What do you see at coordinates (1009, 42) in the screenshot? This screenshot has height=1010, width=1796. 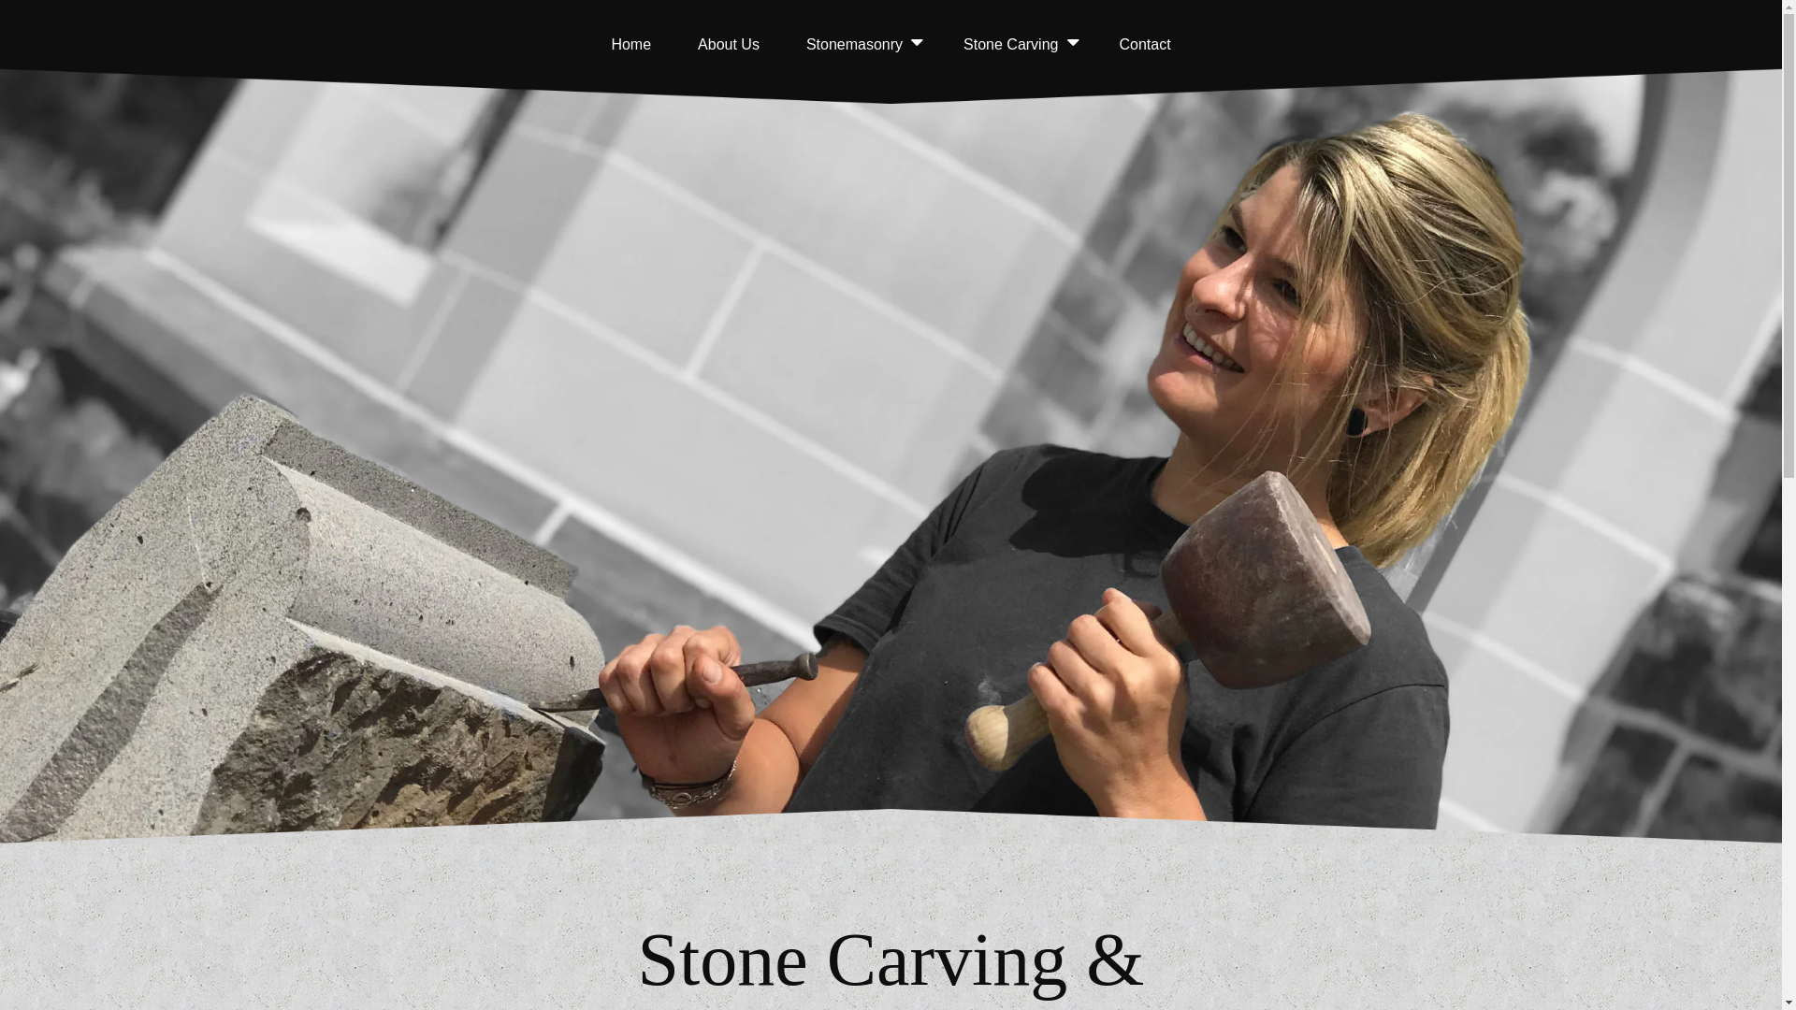 I see `'Stone Carving'` at bounding box center [1009, 42].